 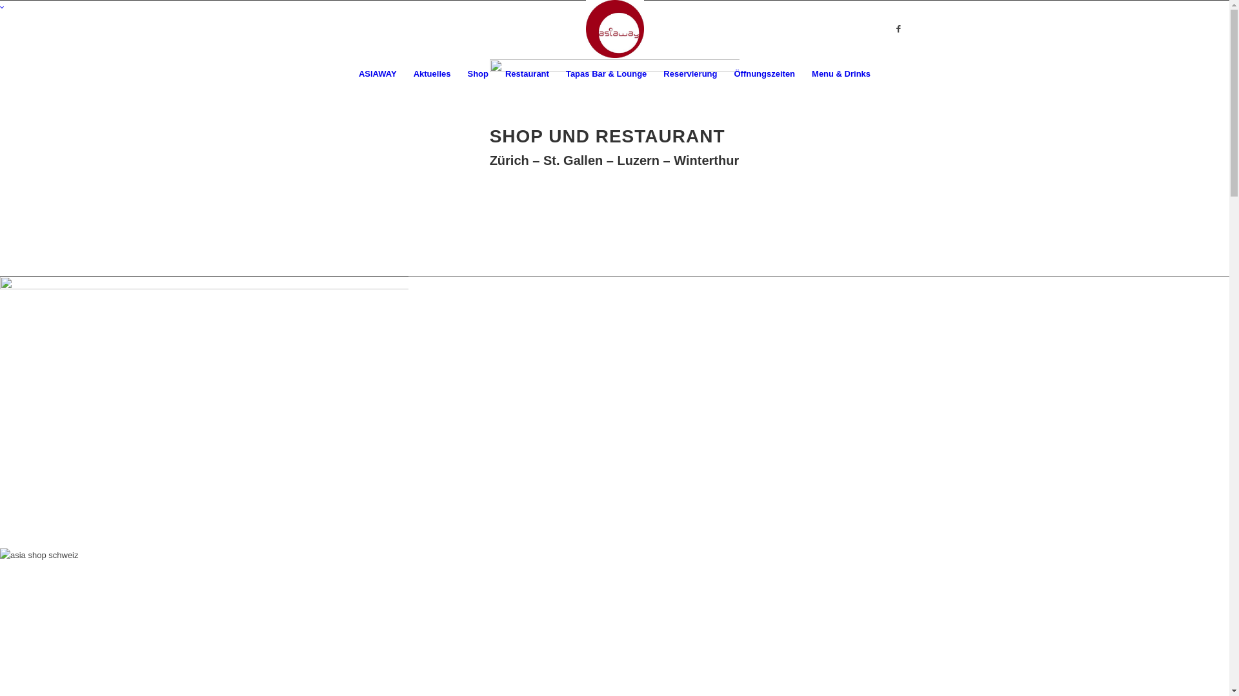 What do you see at coordinates (377, 74) in the screenshot?
I see `'ASIAWAY'` at bounding box center [377, 74].